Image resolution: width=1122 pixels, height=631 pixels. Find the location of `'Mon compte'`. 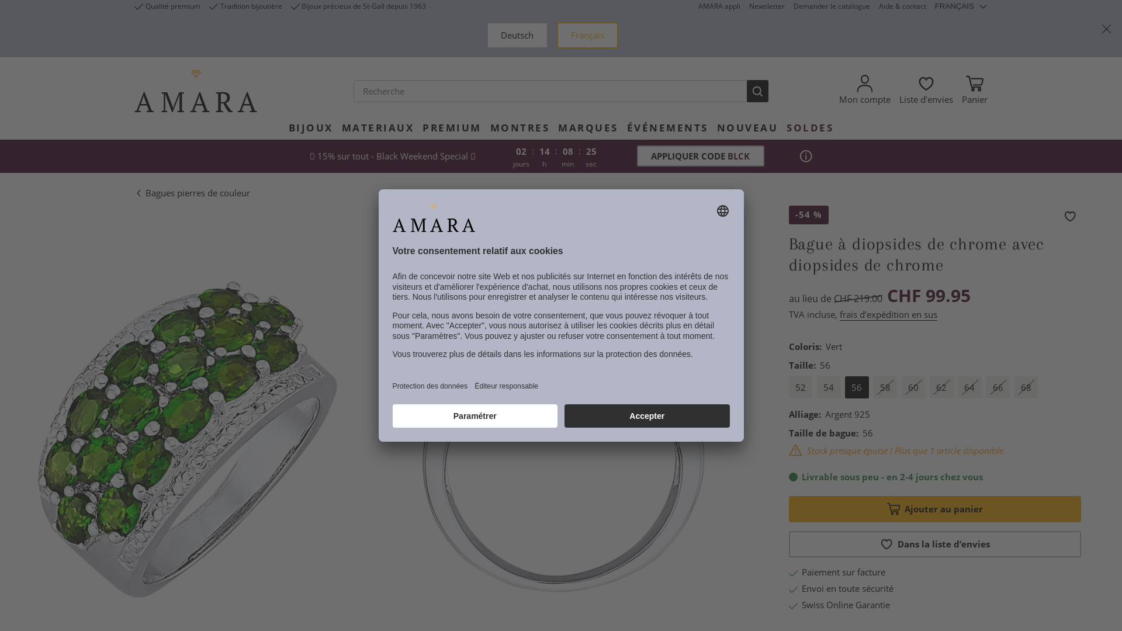

'Mon compte' is located at coordinates (864, 90).